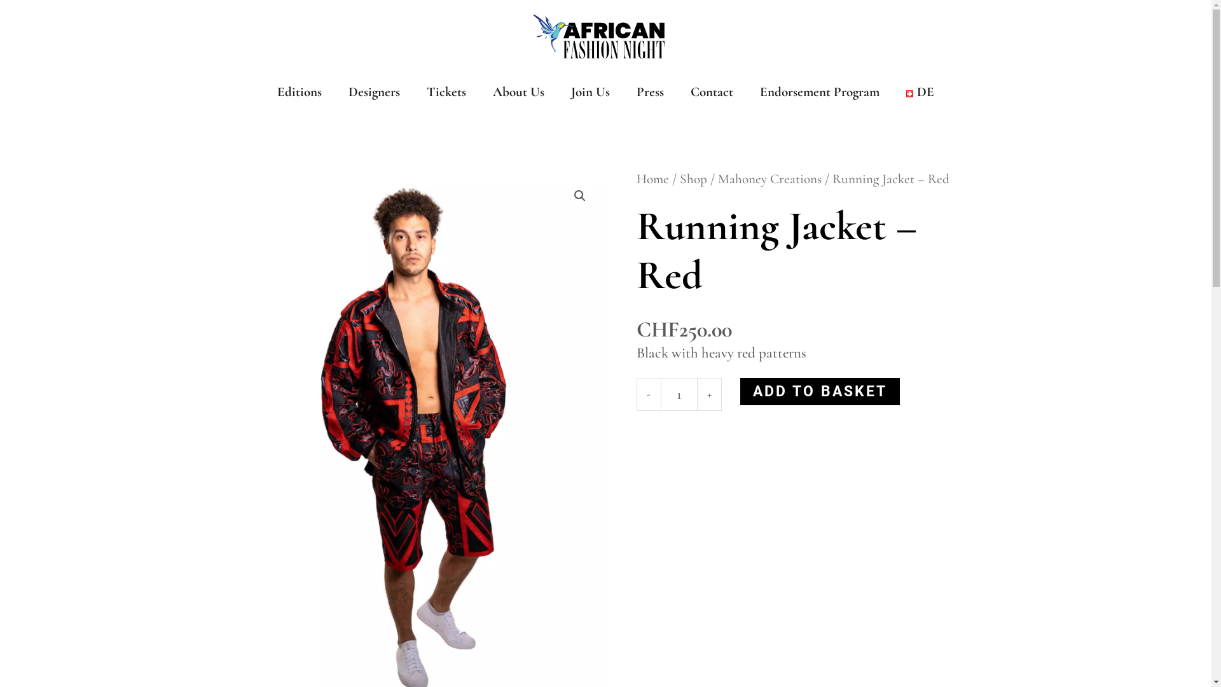  What do you see at coordinates (652, 179) in the screenshot?
I see `'Home'` at bounding box center [652, 179].